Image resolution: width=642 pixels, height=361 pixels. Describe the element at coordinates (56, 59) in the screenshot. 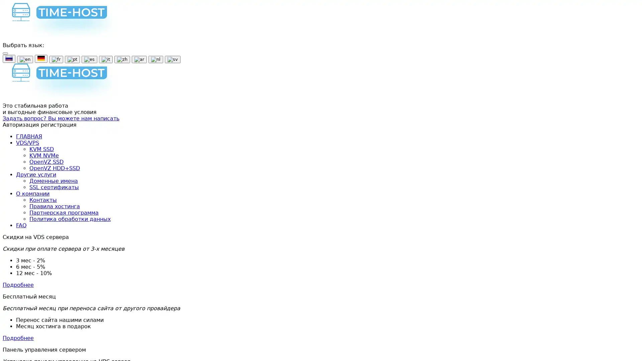

I see `fr` at that location.